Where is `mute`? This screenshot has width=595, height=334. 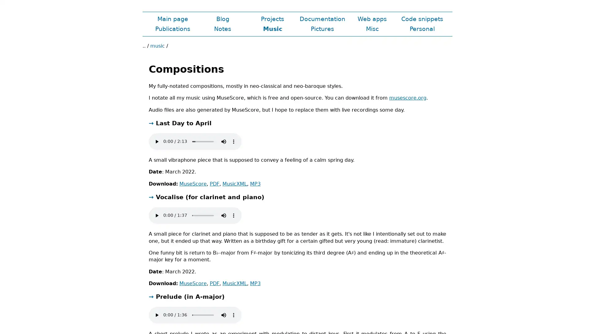
mute is located at coordinates (223, 215).